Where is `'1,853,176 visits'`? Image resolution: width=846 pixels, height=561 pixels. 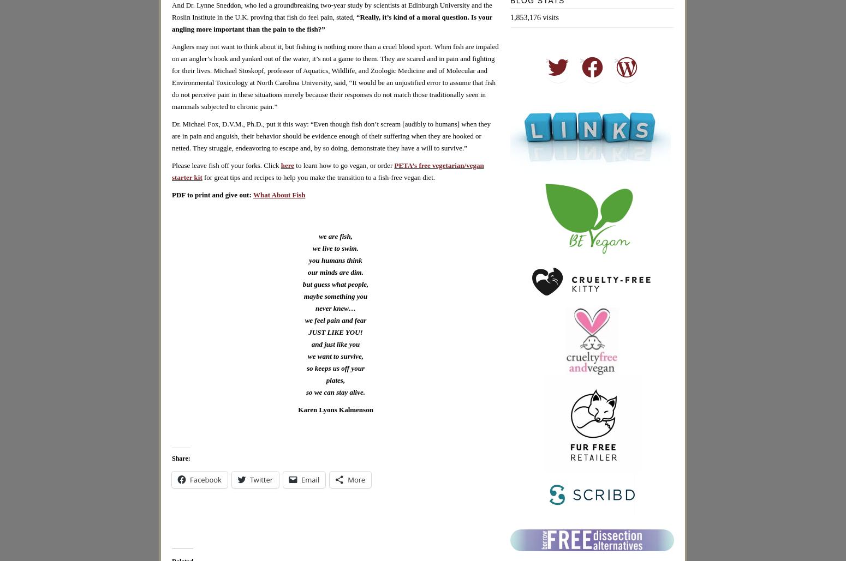
'1,853,176 visits' is located at coordinates (509, 17).